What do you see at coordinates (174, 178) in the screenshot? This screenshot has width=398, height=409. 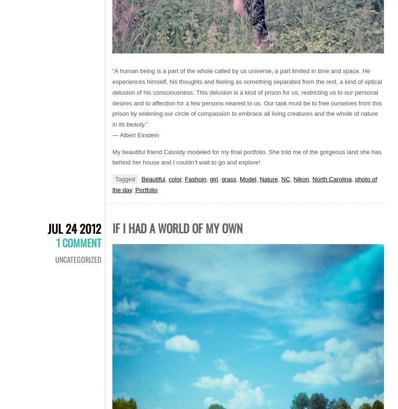 I see `'color'` at bounding box center [174, 178].